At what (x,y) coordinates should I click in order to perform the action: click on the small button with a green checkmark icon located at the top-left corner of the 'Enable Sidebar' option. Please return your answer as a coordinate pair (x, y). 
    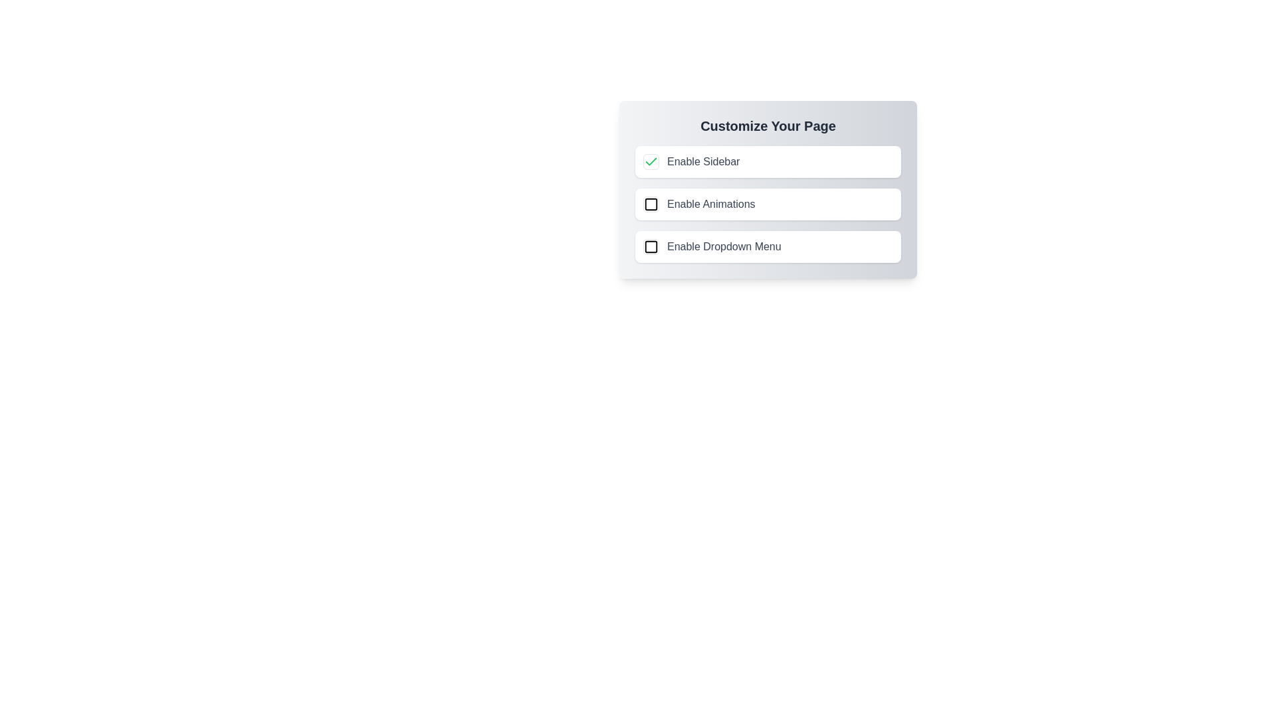
    Looking at the image, I should click on (651, 161).